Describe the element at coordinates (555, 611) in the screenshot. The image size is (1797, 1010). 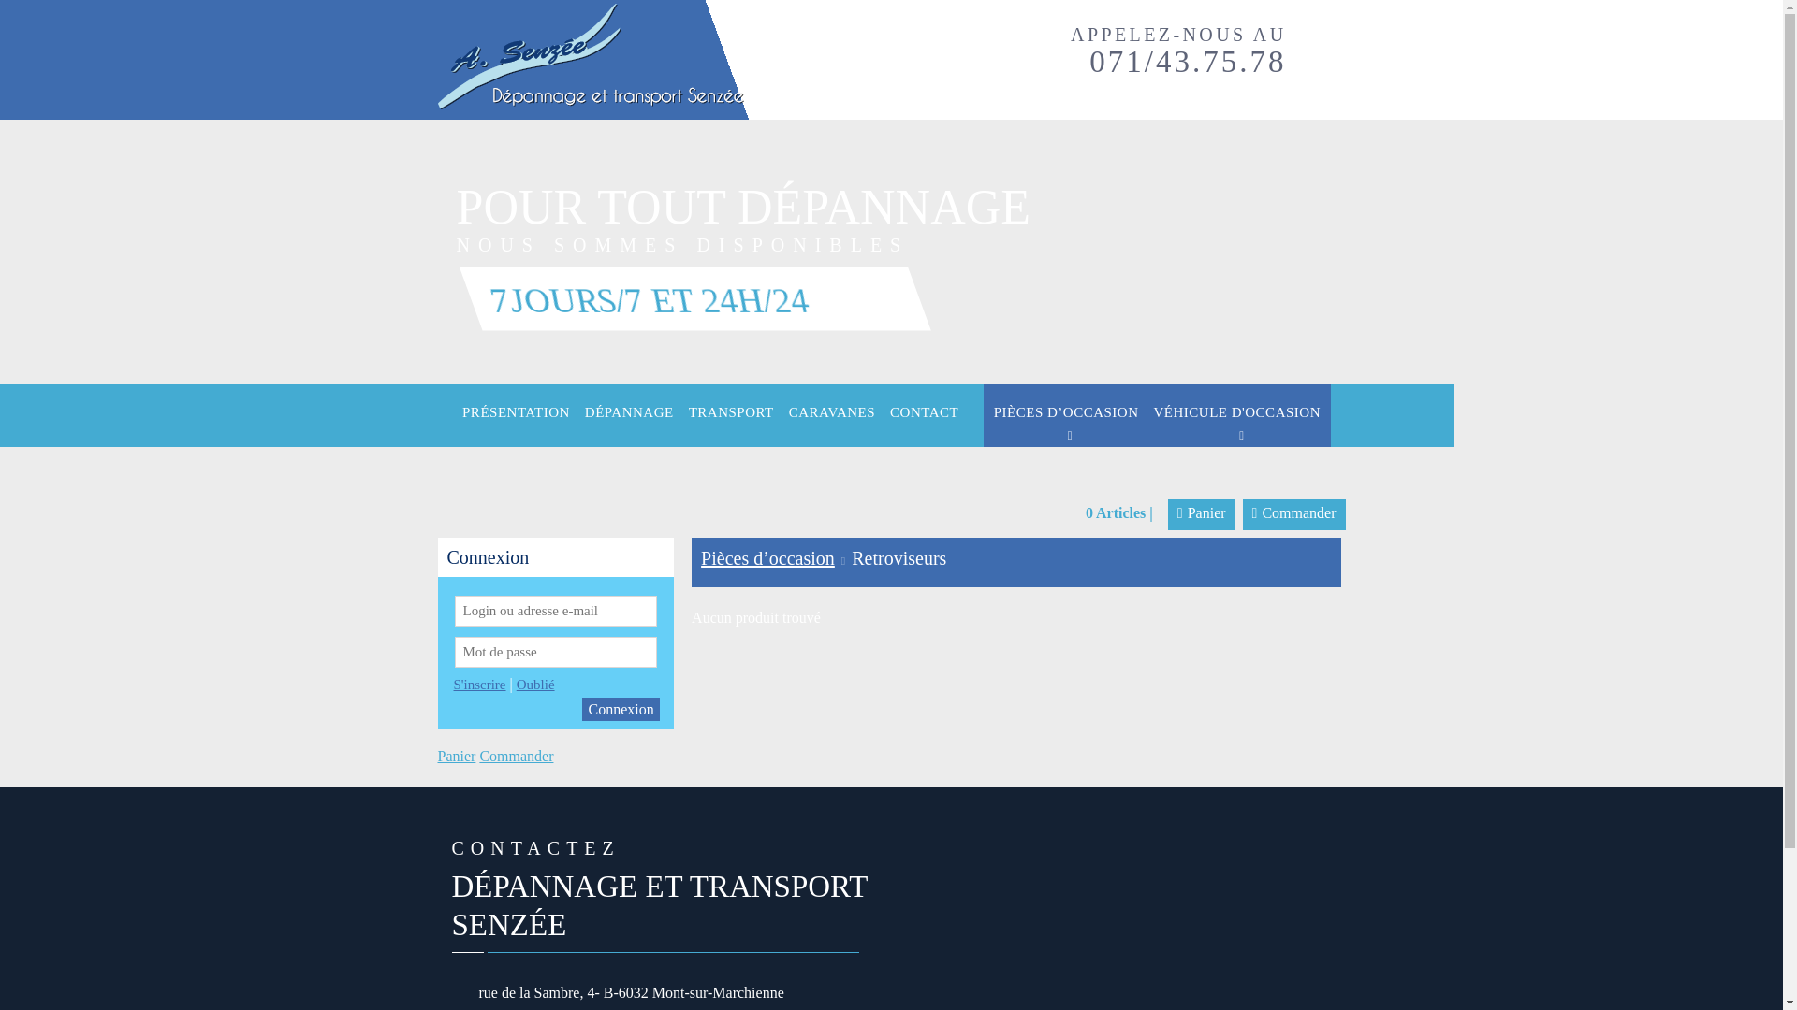
I see `'Login ou adresse e-mail'` at that location.